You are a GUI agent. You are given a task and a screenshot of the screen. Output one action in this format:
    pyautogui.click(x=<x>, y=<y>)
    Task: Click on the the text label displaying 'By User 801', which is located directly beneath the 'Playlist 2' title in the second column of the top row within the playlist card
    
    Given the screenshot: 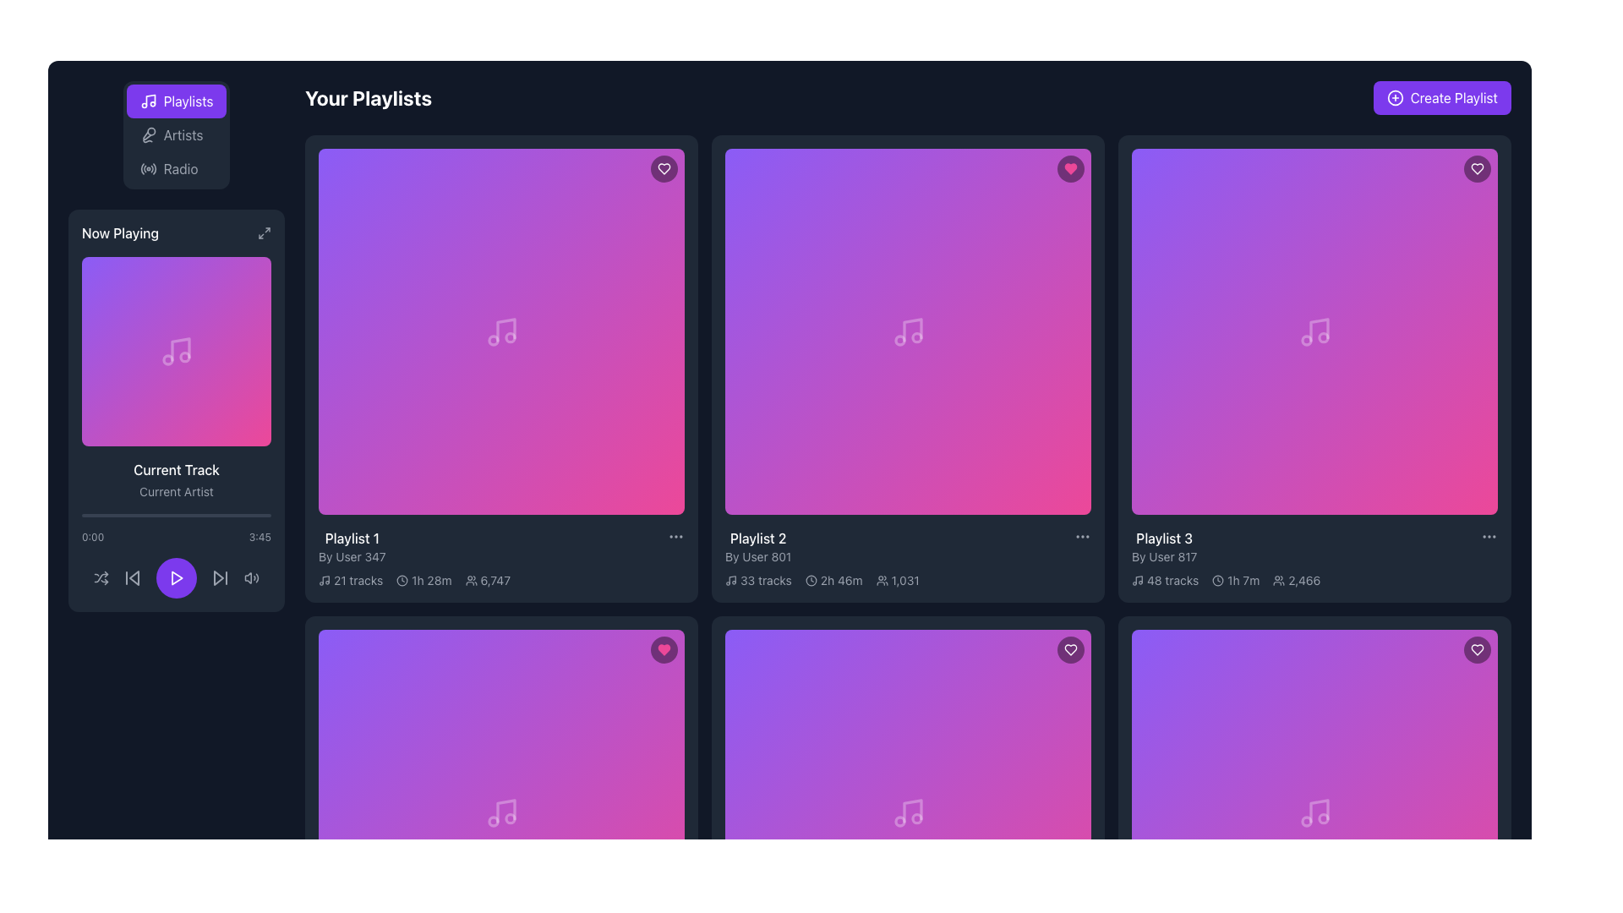 What is the action you would take?
    pyautogui.click(x=757, y=557)
    